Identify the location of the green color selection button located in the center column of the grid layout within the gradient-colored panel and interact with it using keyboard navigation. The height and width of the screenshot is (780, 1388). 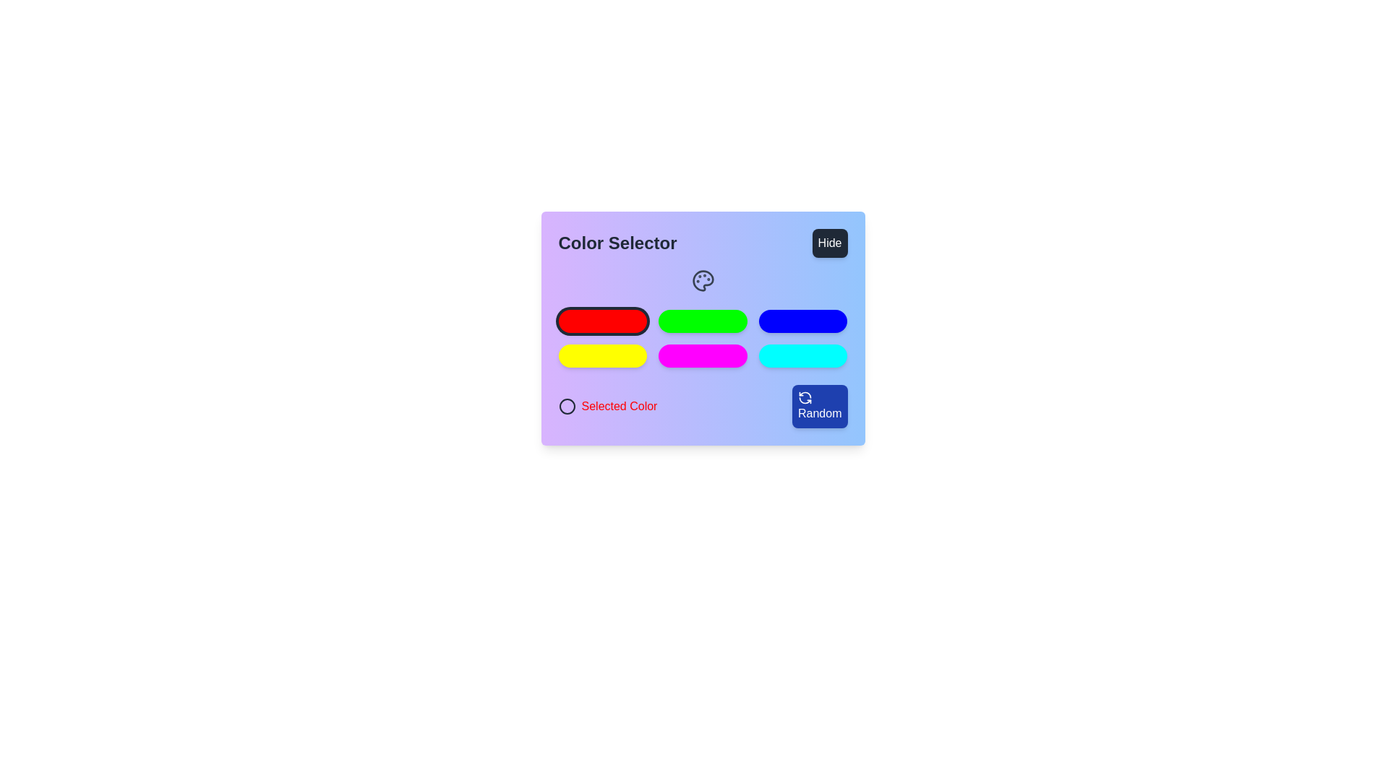
(703, 329).